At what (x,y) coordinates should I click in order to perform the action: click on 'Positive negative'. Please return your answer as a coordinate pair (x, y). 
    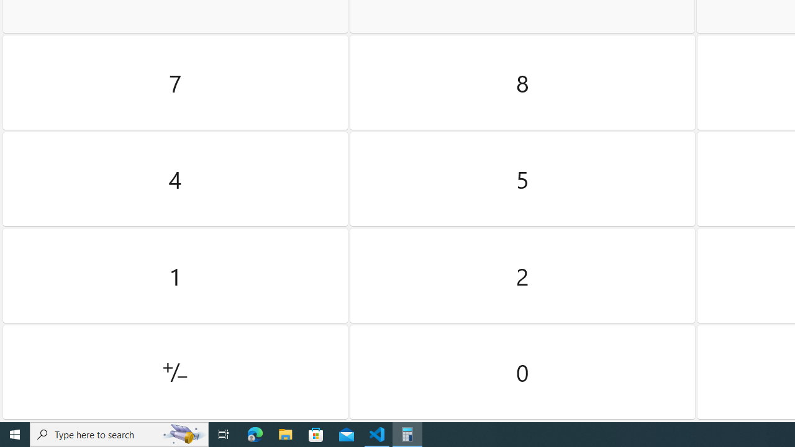
    Looking at the image, I should click on (175, 371).